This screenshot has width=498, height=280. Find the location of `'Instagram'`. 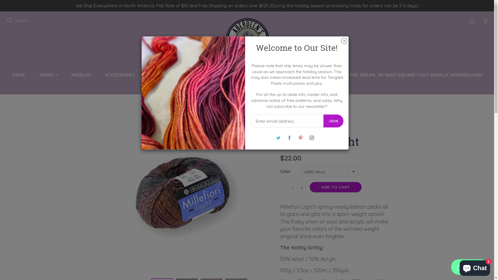

'Instagram' is located at coordinates (311, 137).